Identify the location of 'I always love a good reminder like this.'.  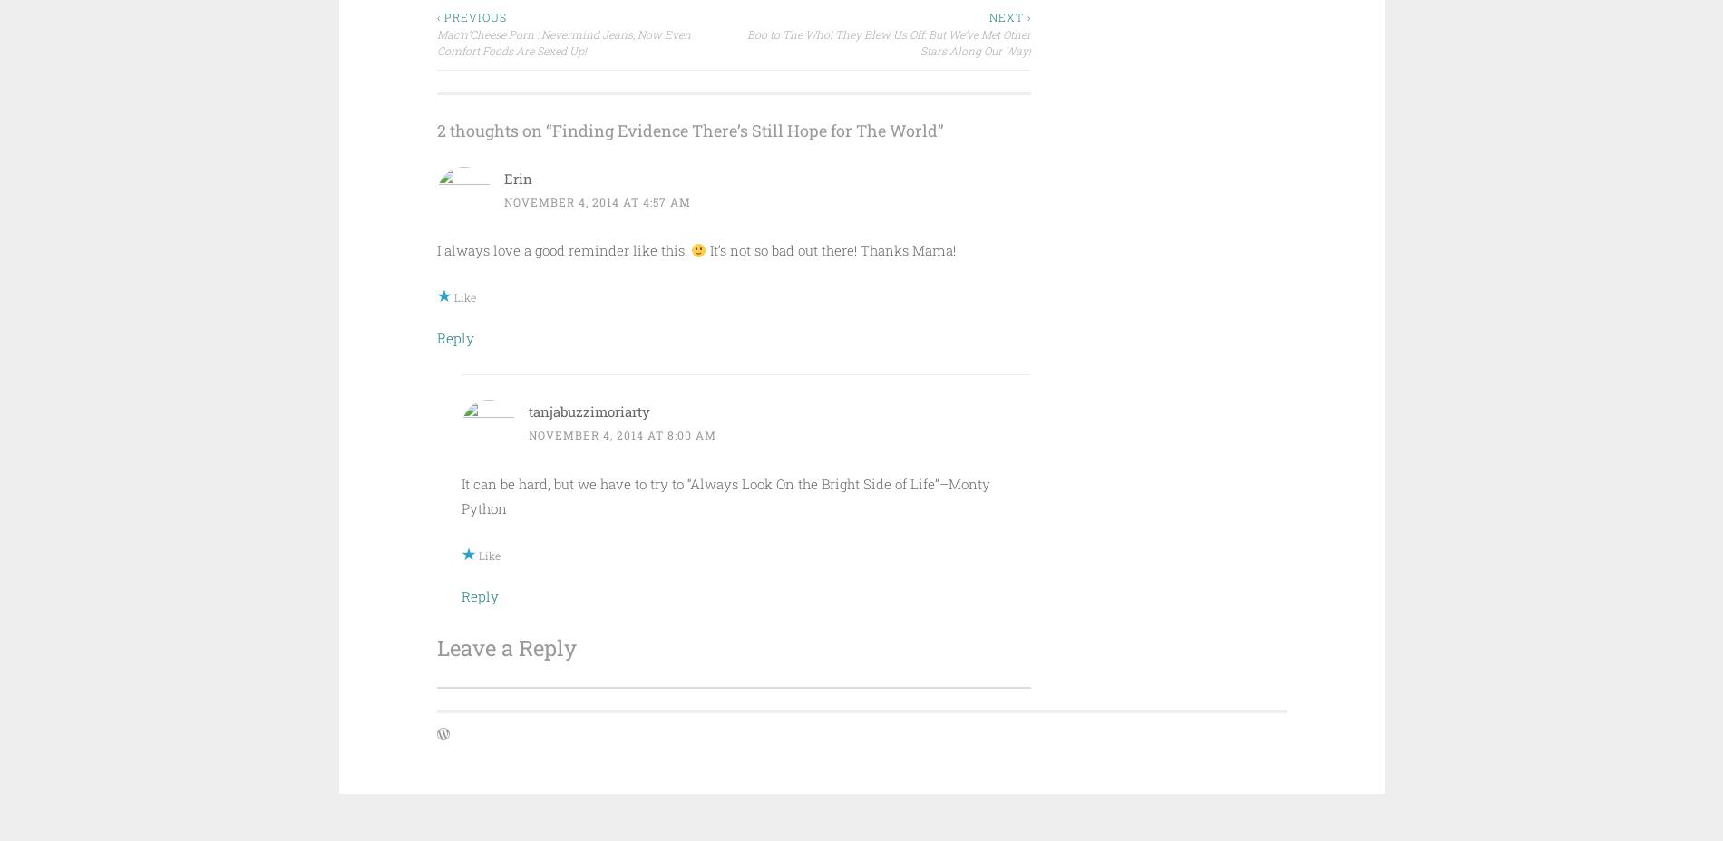
(562, 248).